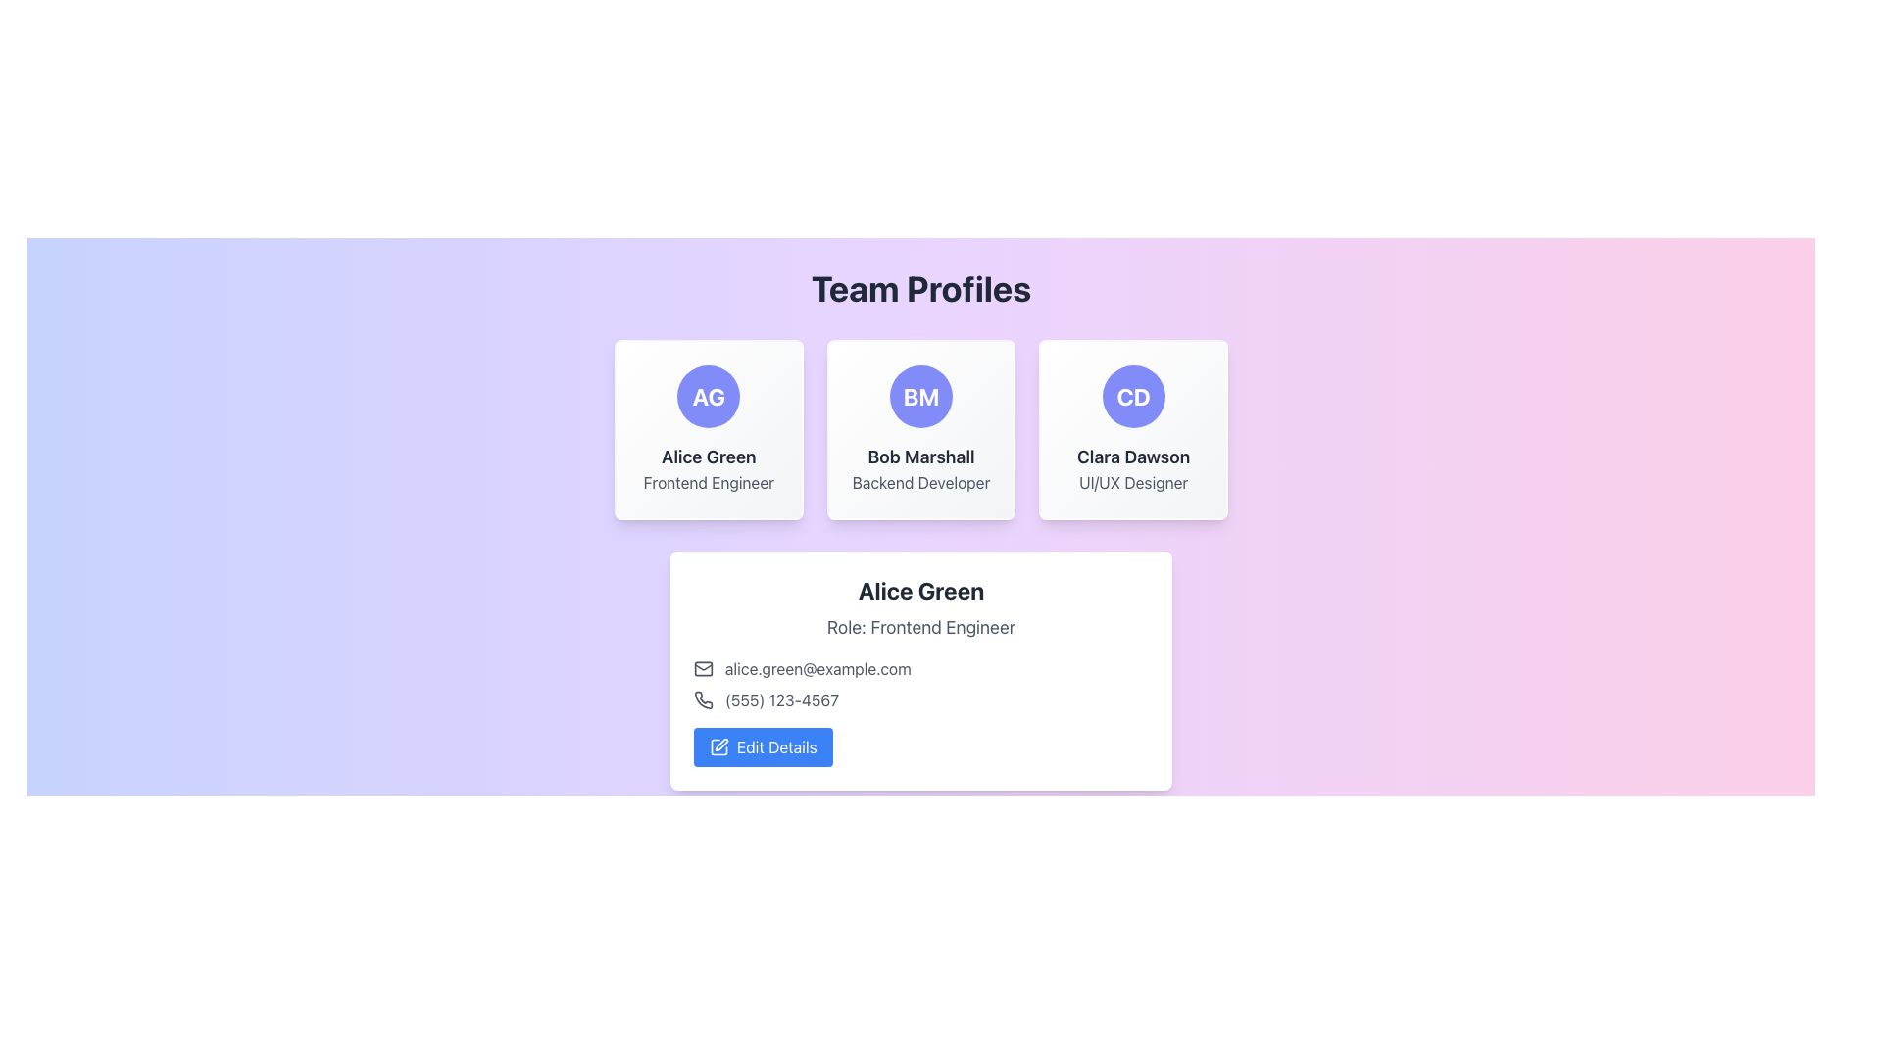 The width and height of the screenshot is (1882, 1058). What do you see at coordinates (704, 667) in the screenshot?
I see `rectangular envelope background element that serves as the base of the mail icon for 'Alice Green' by hovering over it for debugging purposes` at bounding box center [704, 667].